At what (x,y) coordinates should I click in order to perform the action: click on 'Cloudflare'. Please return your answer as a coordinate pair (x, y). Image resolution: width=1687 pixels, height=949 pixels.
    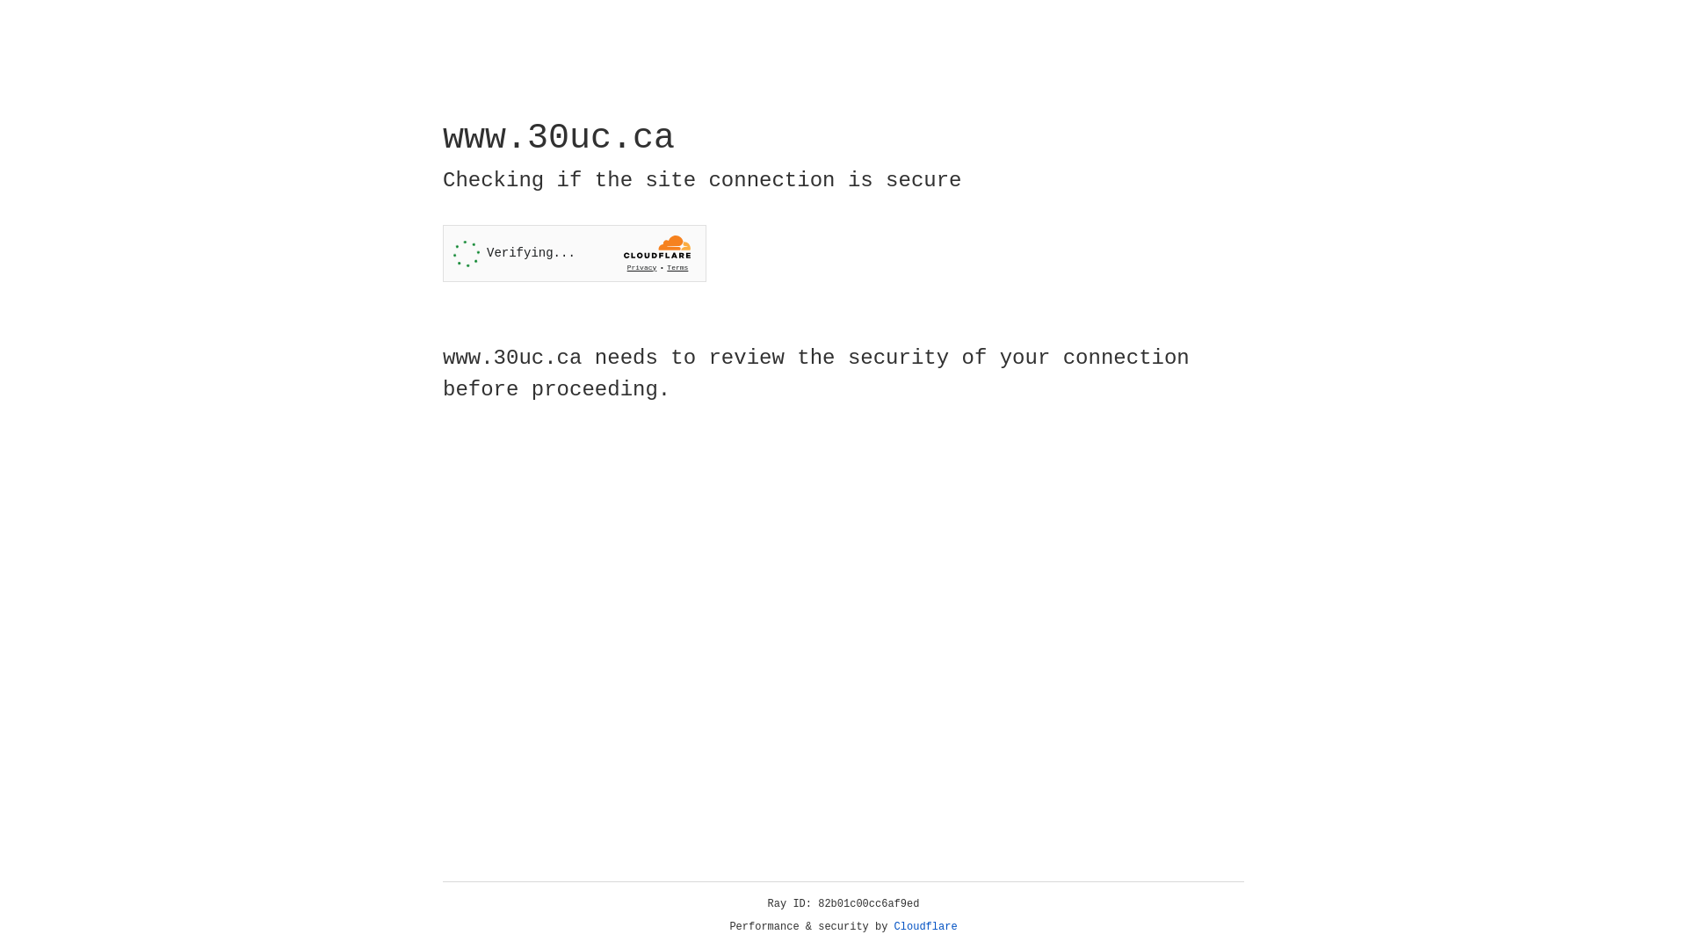
    Looking at the image, I should click on (894, 926).